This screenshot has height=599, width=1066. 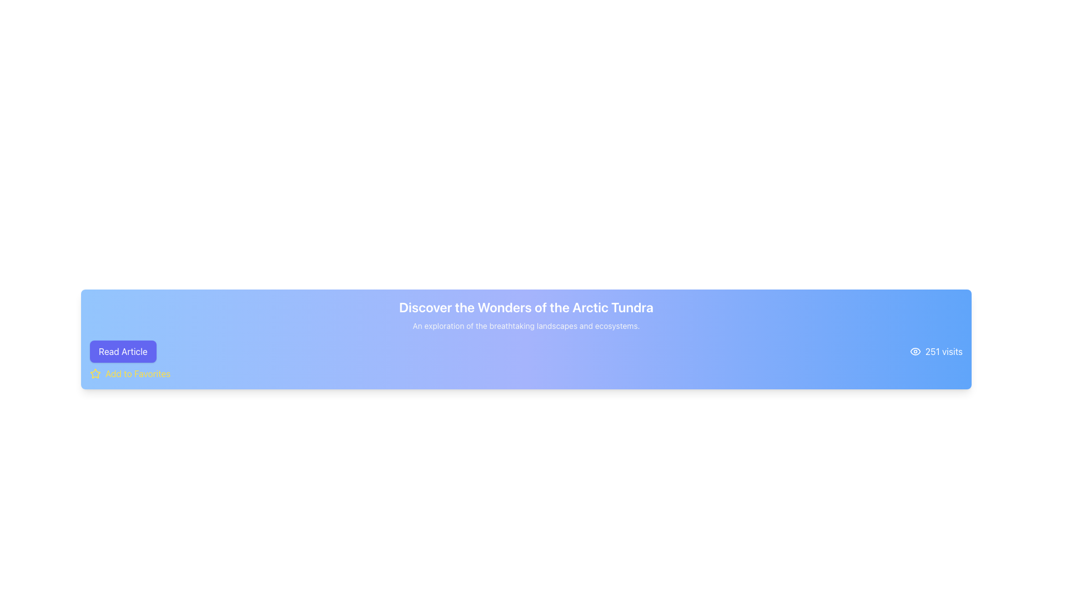 I want to click on informative label displaying '251 visits' which consists of a white eye icon and text on a blue background, located to the right of the 'Read Article' button, so click(x=936, y=351).